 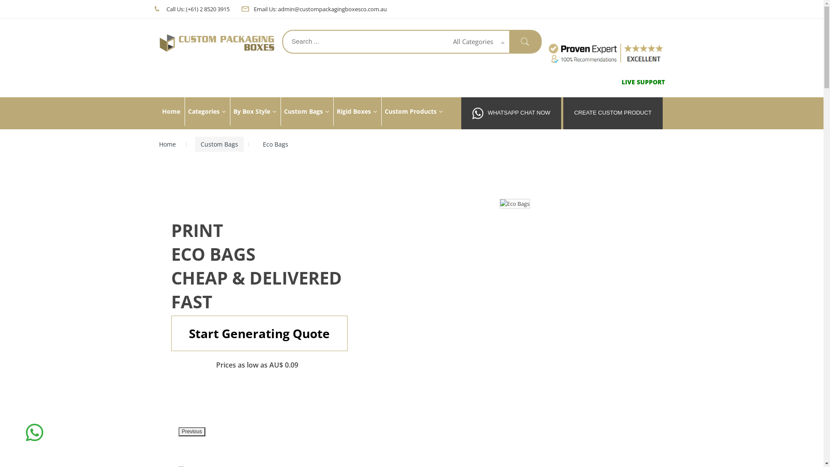 What do you see at coordinates (191, 432) in the screenshot?
I see `'Previous'` at bounding box center [191, 432].